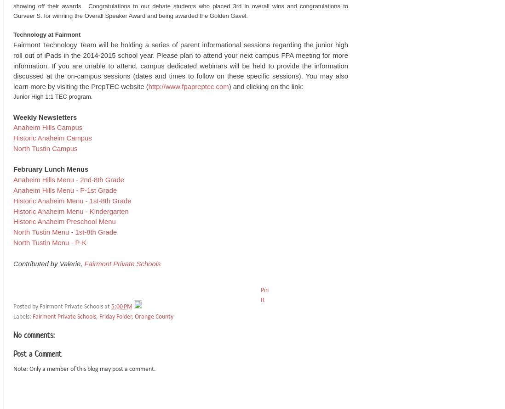  I want to click on 'Contributed by Valerie,', so click(48, 263).